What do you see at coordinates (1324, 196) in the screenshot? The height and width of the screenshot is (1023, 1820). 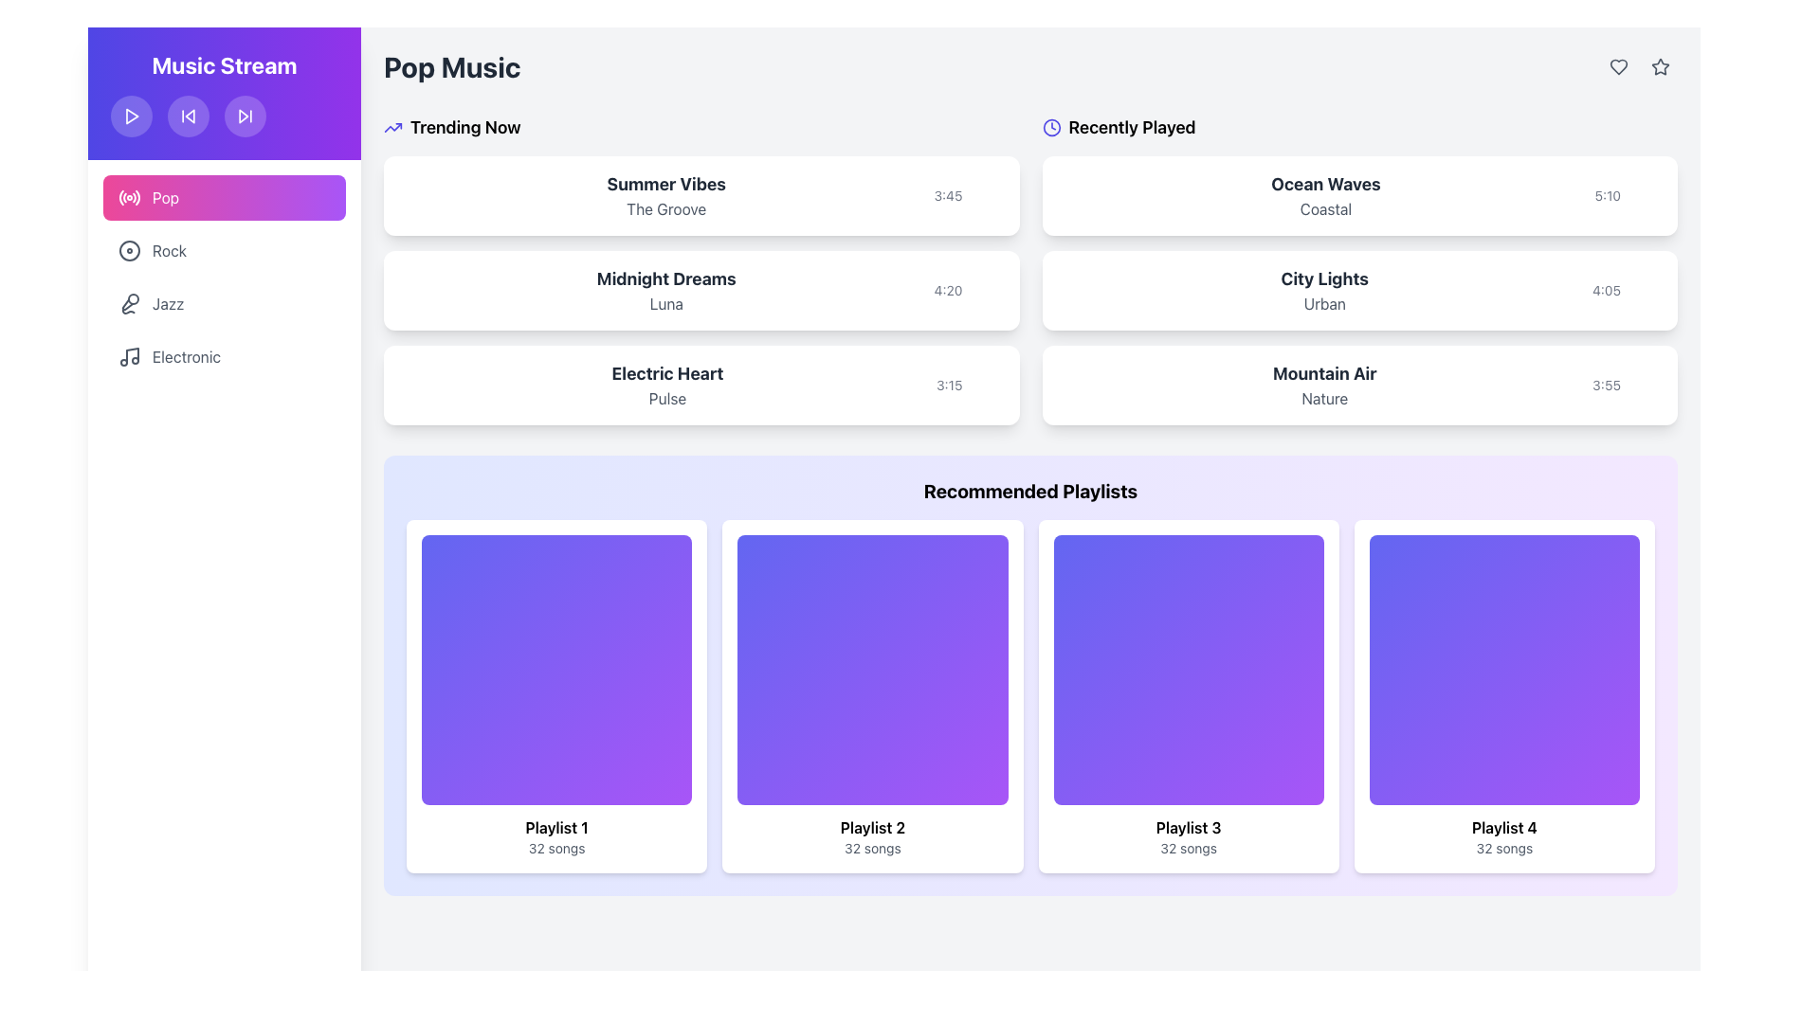 I see `the text block titled 'Ocean Waves' with the subtitle 'Coastal' located in the 'Recently Played' section, positioned at the second row` at bounding box center [1324, 196].